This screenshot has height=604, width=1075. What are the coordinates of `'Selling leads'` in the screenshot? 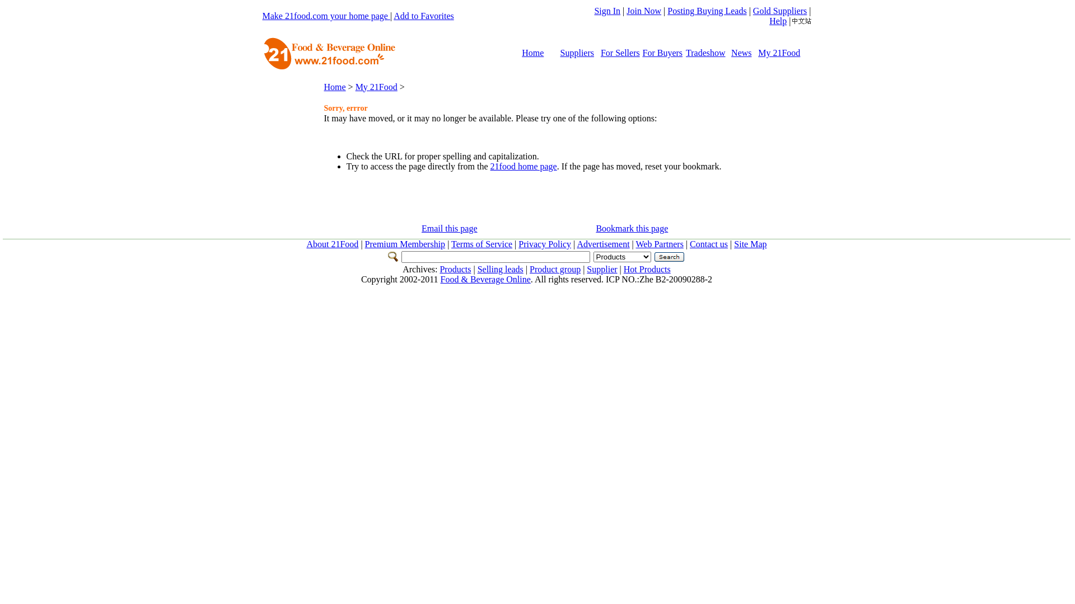 It's located at (478, 269).